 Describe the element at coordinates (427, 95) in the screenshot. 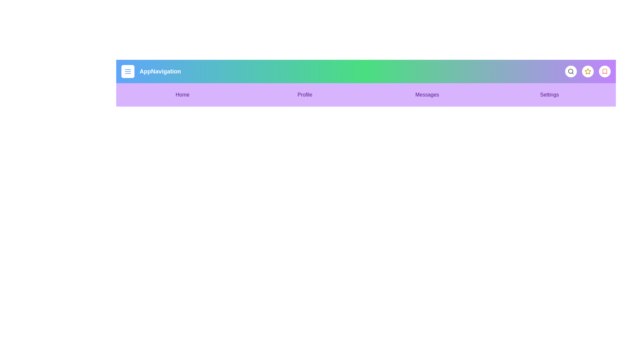

I see `the menu item Messages to navigate to the corresponding section` at that location.